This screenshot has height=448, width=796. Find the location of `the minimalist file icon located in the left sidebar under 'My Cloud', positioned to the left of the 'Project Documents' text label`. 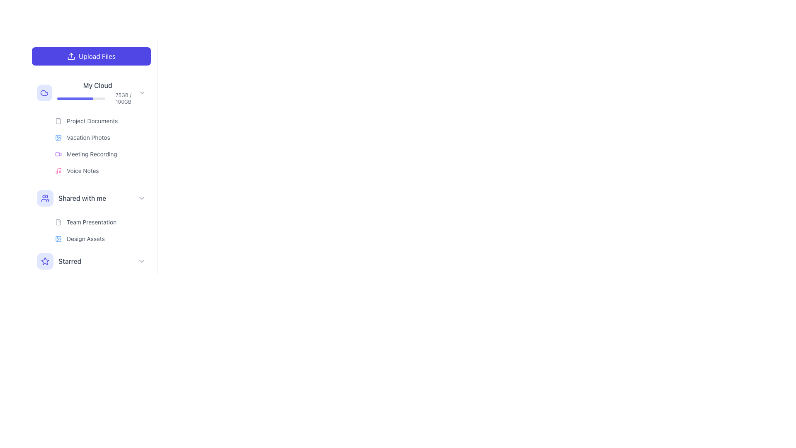

the minimalist file icon located in the left sidebar under 'My Cloud', positioned to the left of the 'Project Documents' text label is located at coordinates (58, 121).